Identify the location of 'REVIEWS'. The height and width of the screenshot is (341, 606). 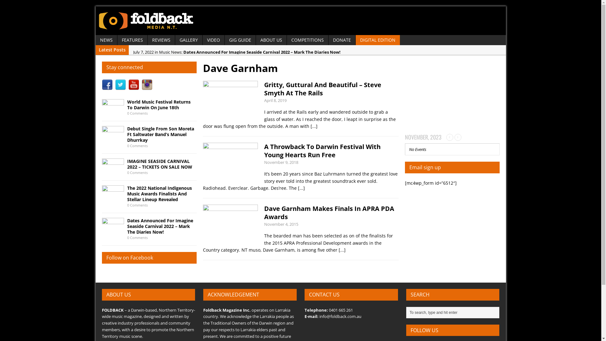
(161, 40).